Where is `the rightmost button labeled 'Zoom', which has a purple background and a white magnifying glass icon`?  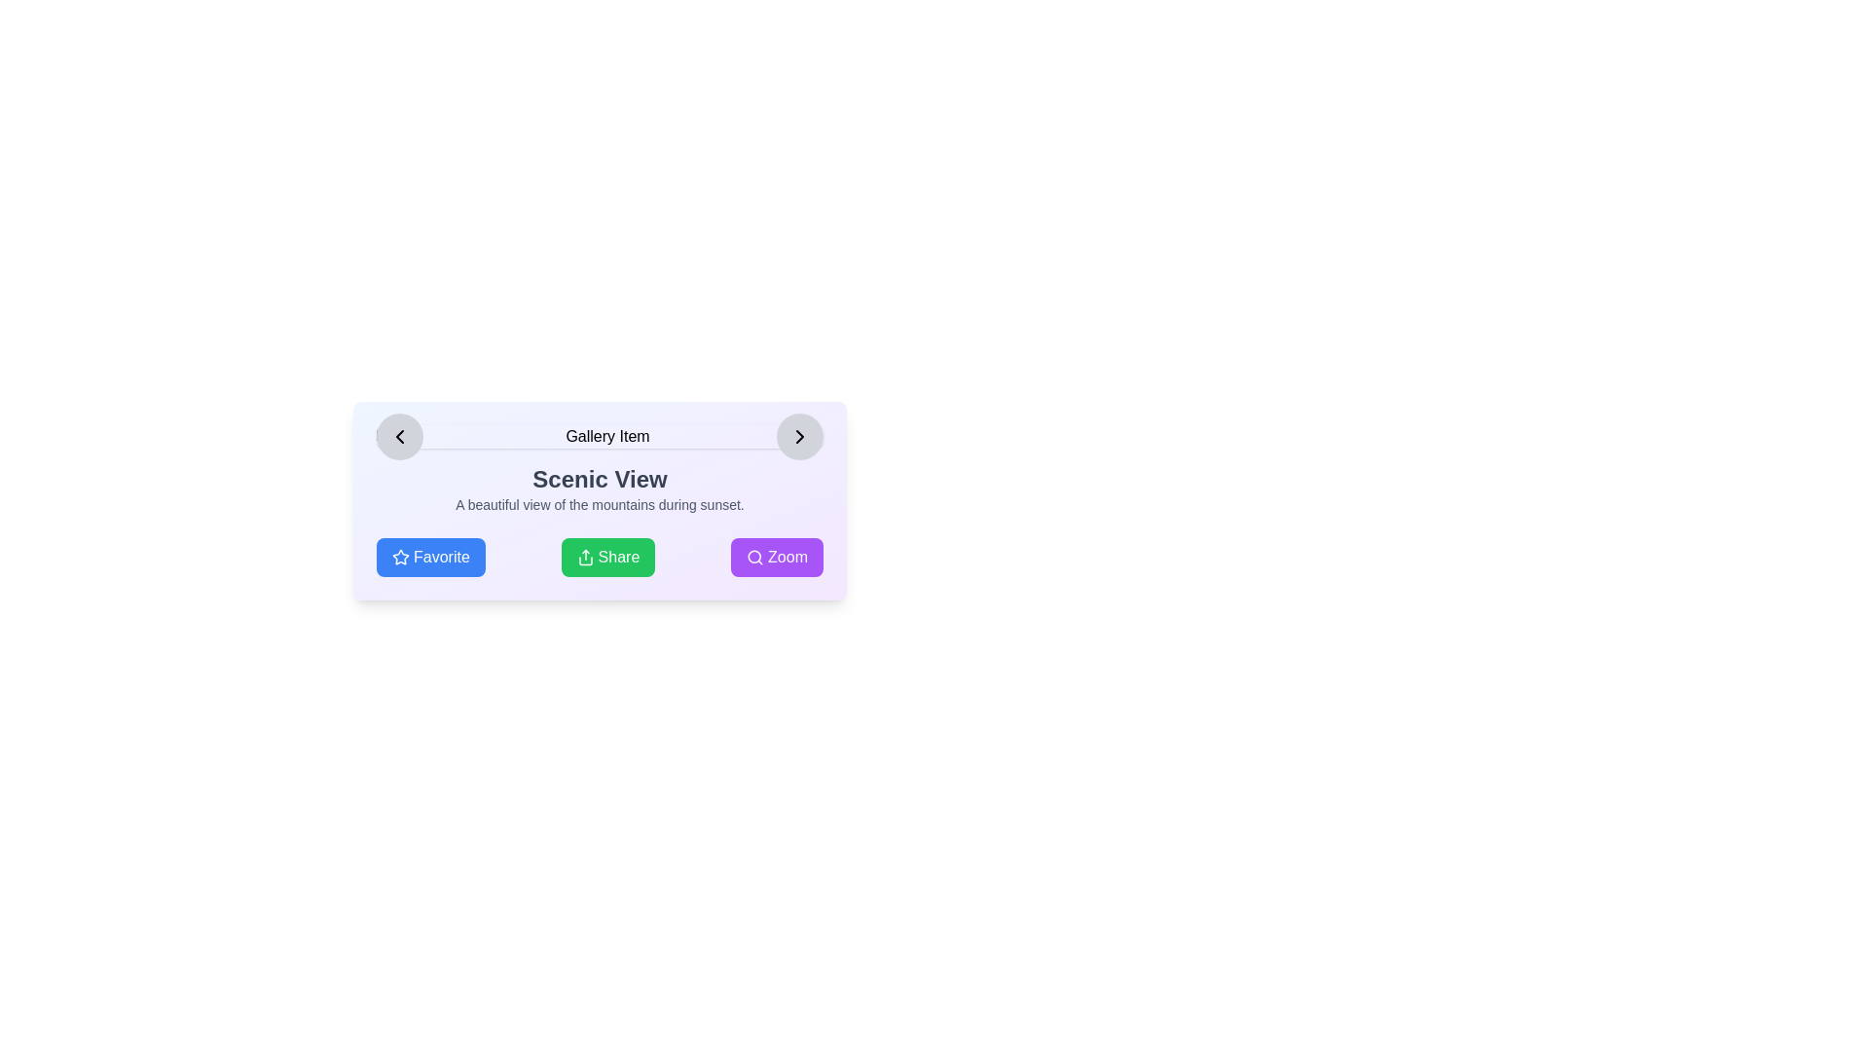 the rightmost button labeled 'Zoom', which has a purple background and a white magnifying glass icon is located at coordinates (776, 558).